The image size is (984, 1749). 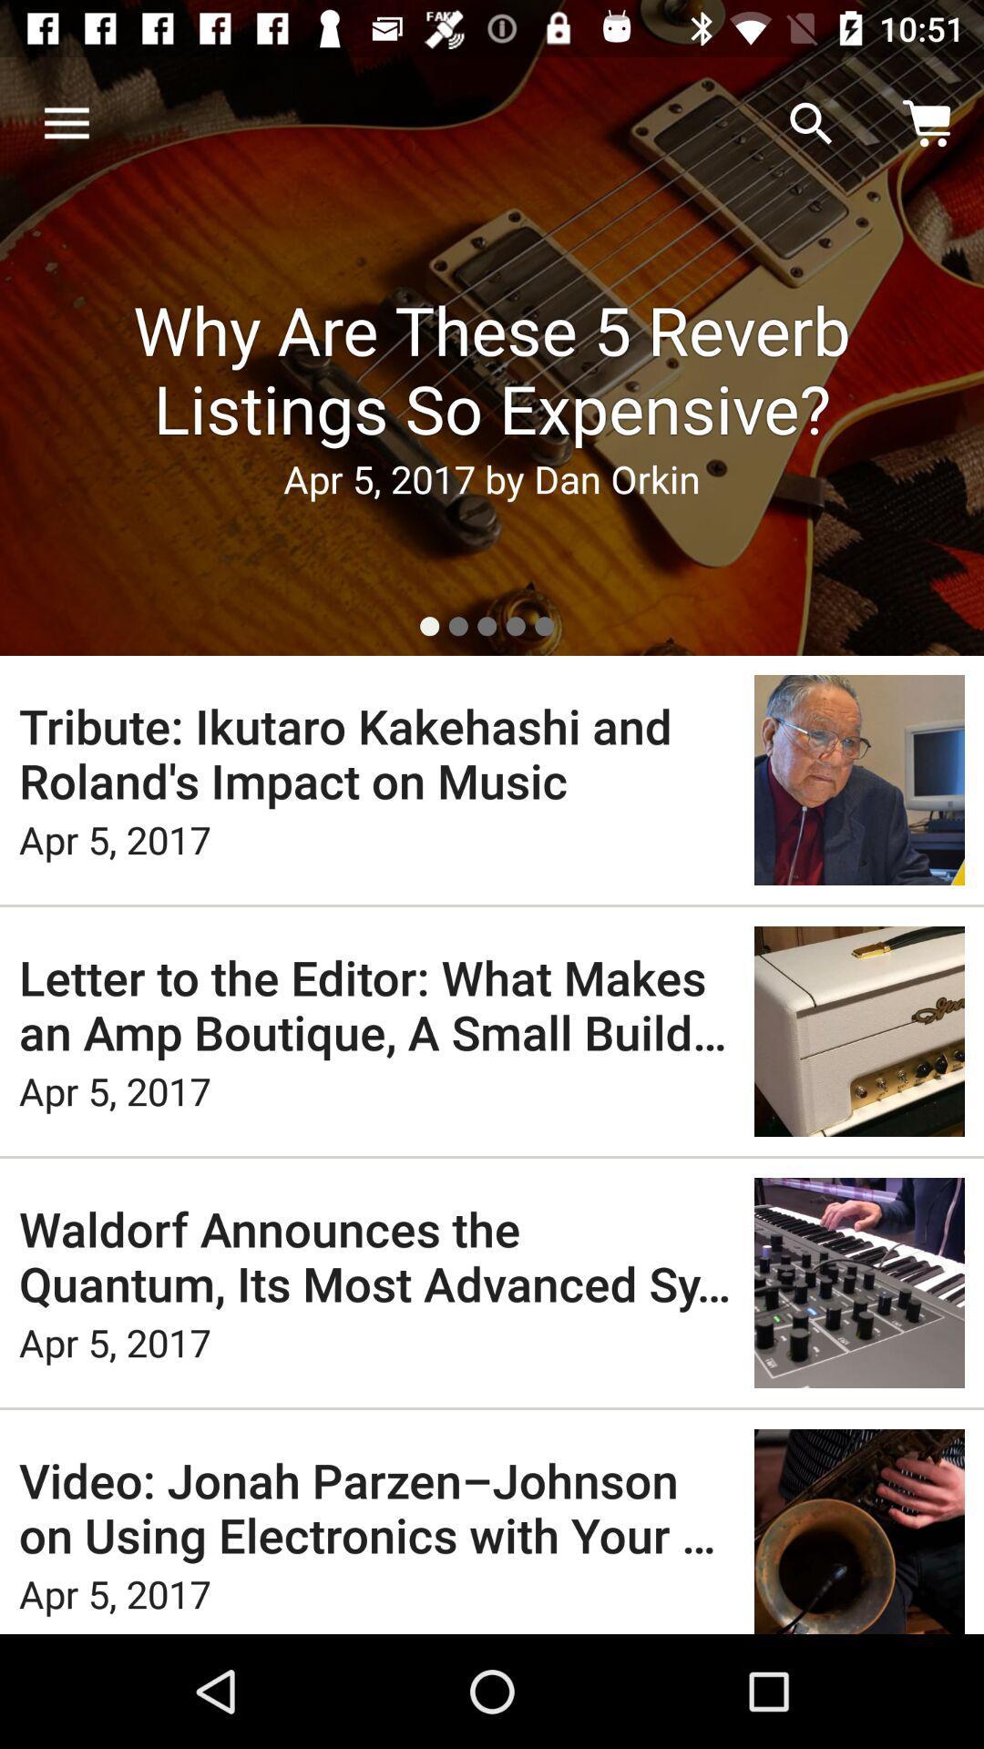 What do you see at coordinates (66, 123) in the screenshot?
I see `the icon to the left of news item` at bounding box center [66, 123].